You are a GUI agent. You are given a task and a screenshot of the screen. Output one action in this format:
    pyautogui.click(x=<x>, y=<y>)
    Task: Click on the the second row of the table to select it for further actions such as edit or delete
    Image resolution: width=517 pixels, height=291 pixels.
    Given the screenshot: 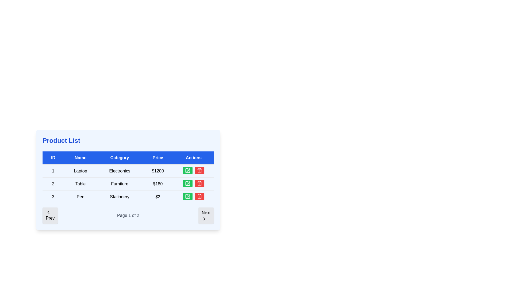 What is the action you would take?
    pyautogui.click(x=128, y=183)
    